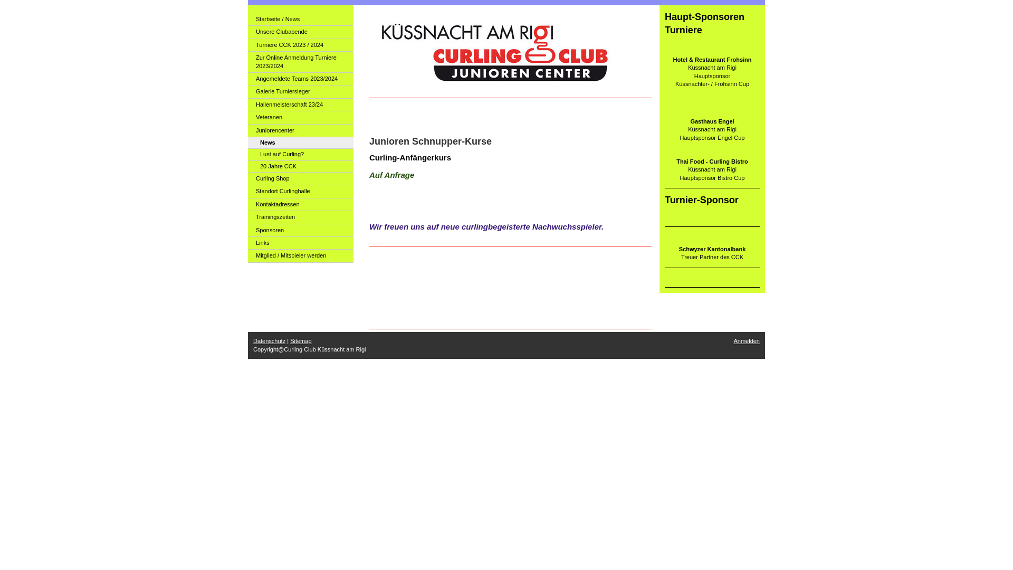 Image resolution: width=1013 pixels, height=570 pixels. I want to click on 'Turniere CCK 2023 / 2024', so click(300, 44).